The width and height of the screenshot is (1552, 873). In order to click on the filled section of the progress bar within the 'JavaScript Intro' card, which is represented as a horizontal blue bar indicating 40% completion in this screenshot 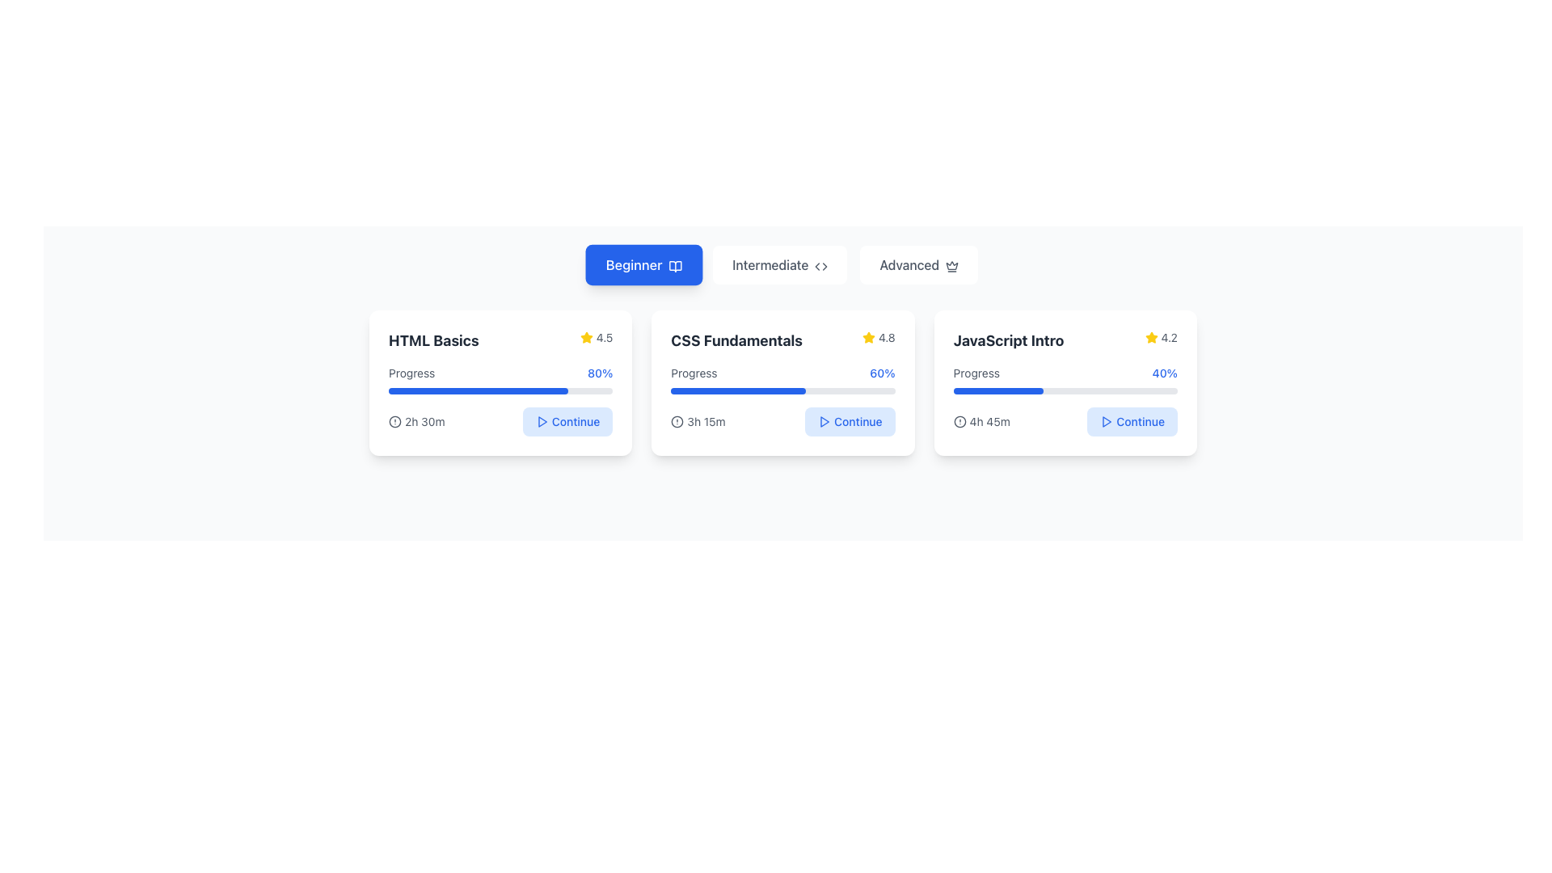, I will do `click(997, 390)`.